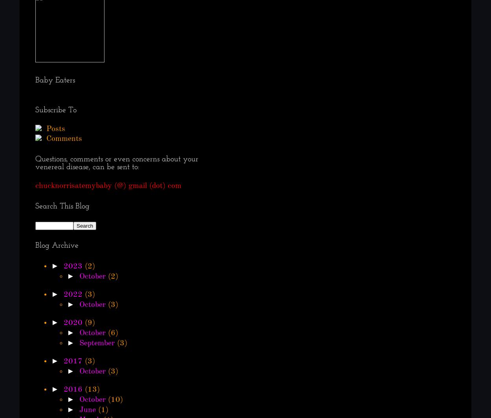  I want to click on 'June', so click(87, 410).